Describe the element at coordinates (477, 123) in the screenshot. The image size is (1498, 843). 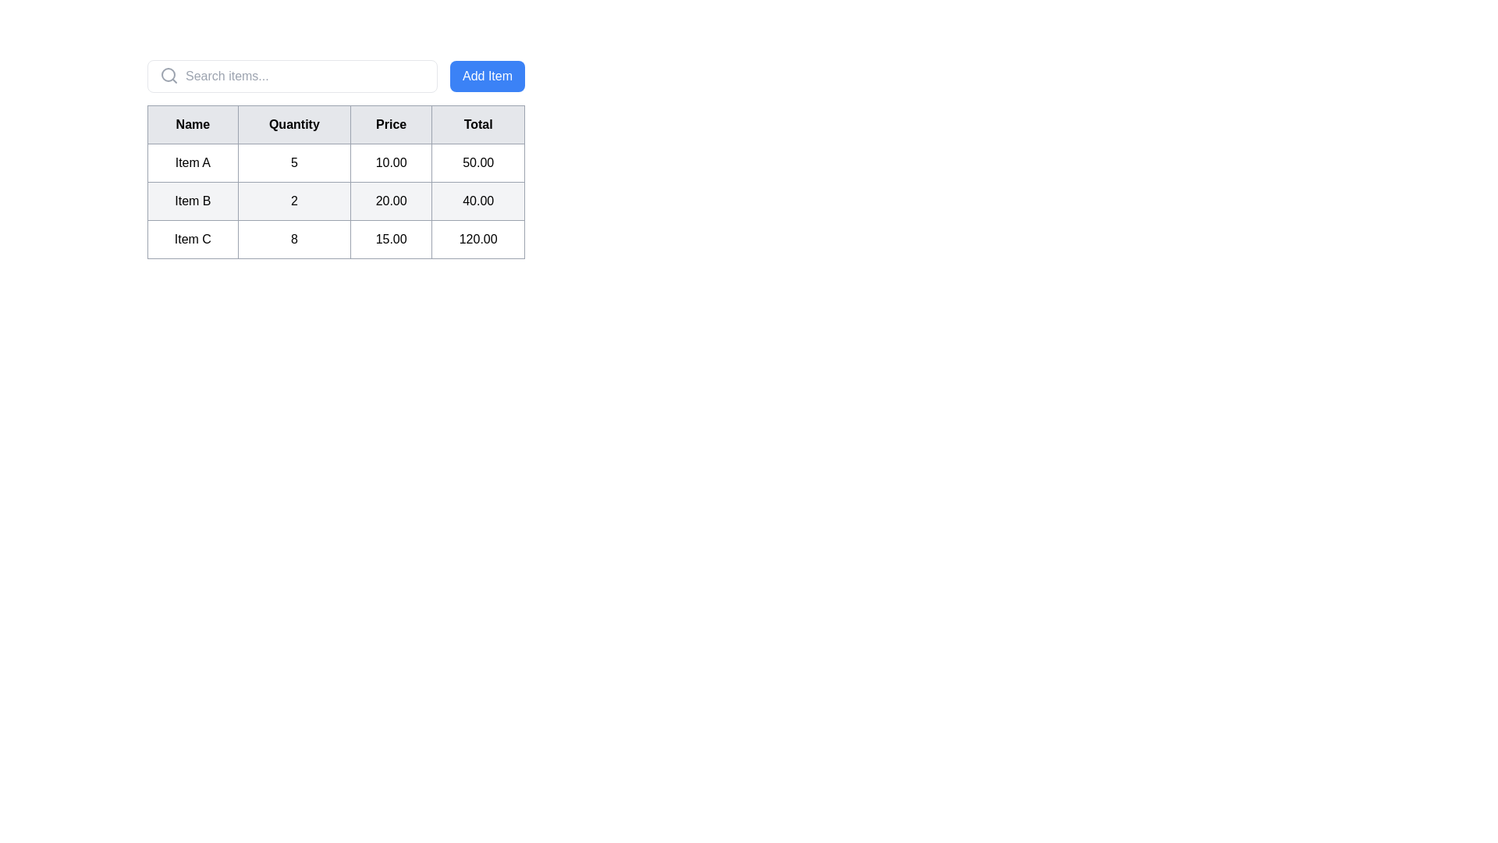
I see `the table header cell that contains the text 'Total', which is styled with a light gray background and a gray border, located in the fourth column of the table header row` at that location.